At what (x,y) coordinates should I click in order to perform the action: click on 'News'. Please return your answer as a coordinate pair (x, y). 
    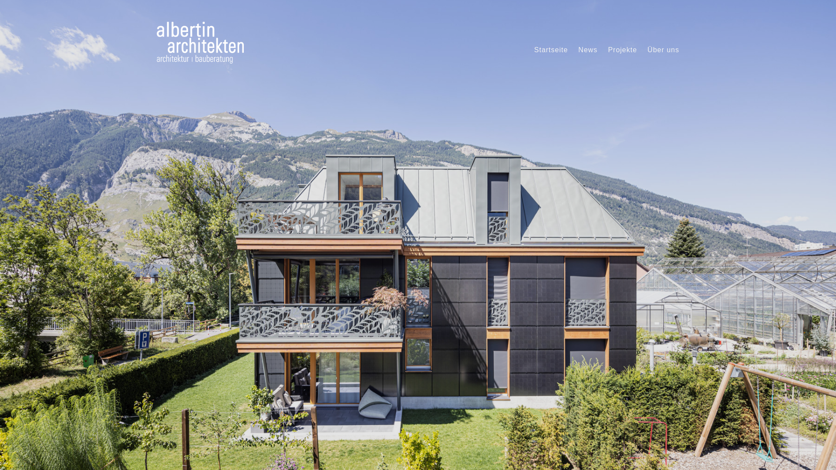
    Looking at the image, I should click on (578, 50).